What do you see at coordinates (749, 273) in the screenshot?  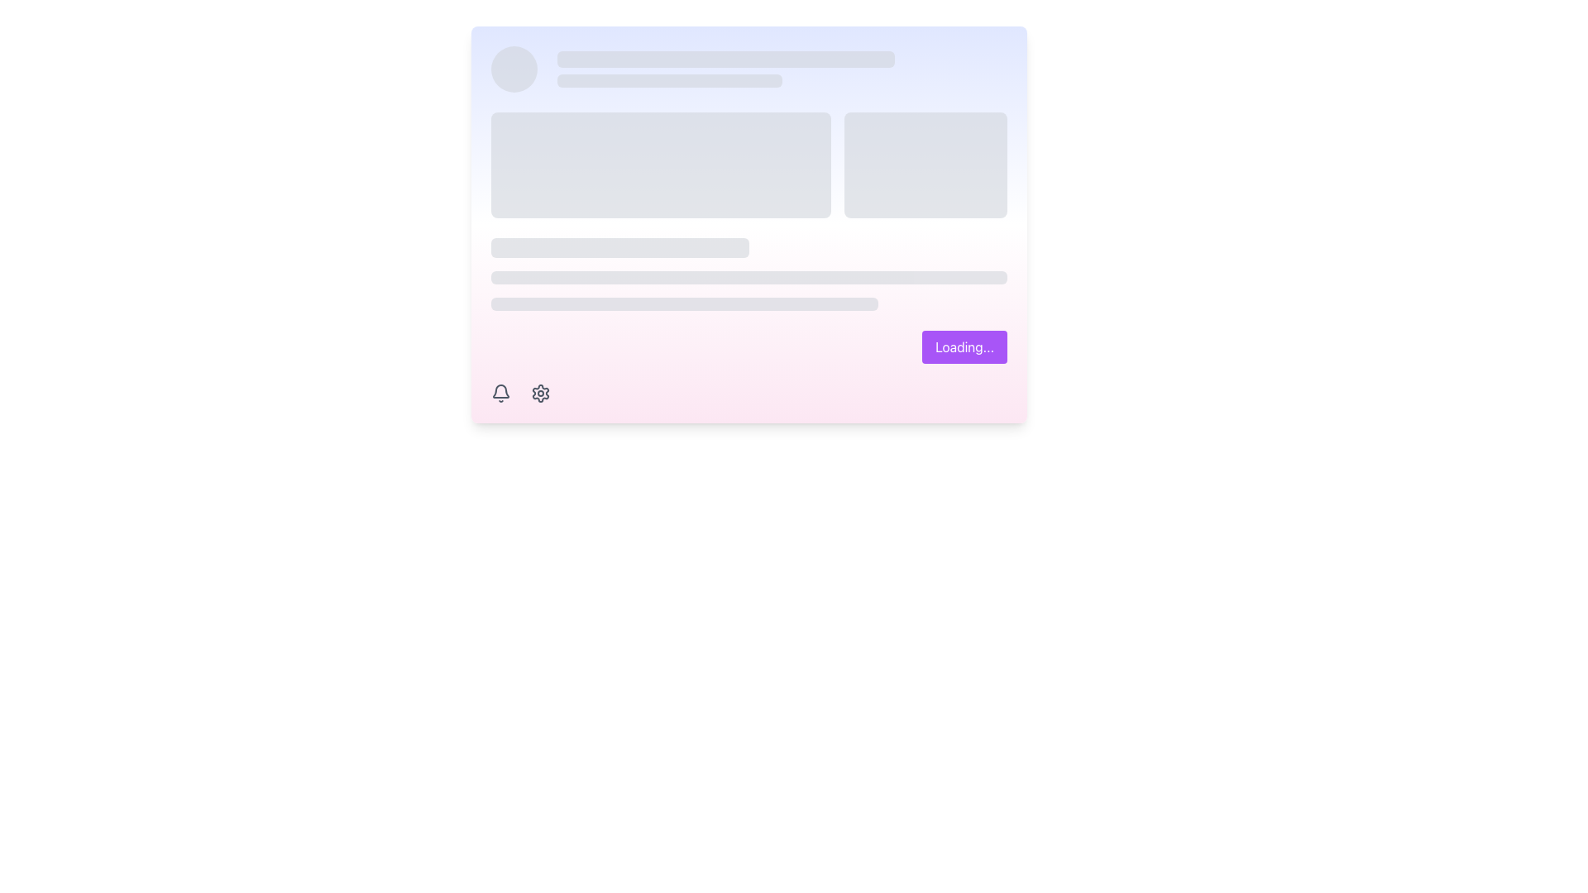 I see `the loading animation of the vertical stack of three light gray placeholders with rounded corners, positioned above the bottom row of buttons` at bounding box center [749, 273].